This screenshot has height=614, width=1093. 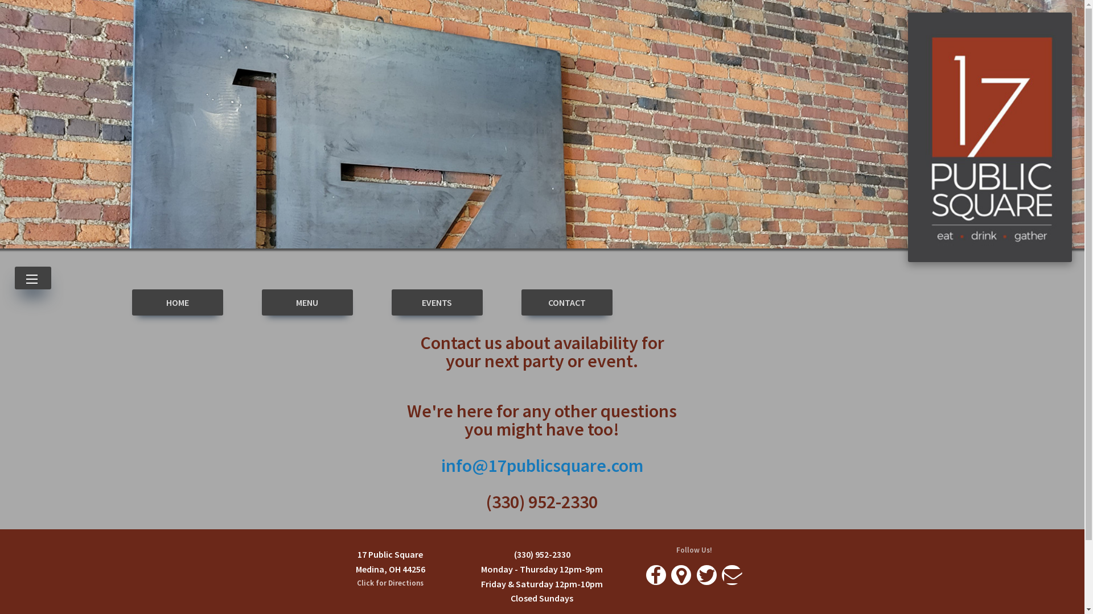 I want to click on 'HOME', so click(x=177, y=302).